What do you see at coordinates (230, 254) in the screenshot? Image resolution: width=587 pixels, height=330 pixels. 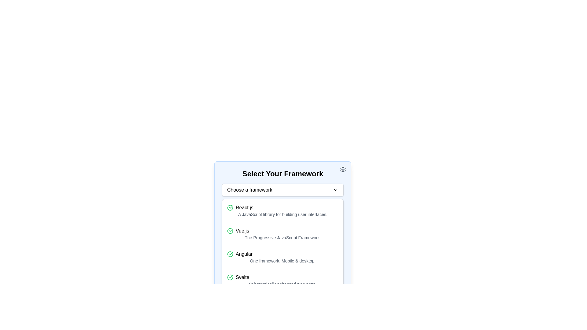 I see `the SVG icon representing the 'Angular' framework in the list of frameworks` at bounding box center [230, 254].